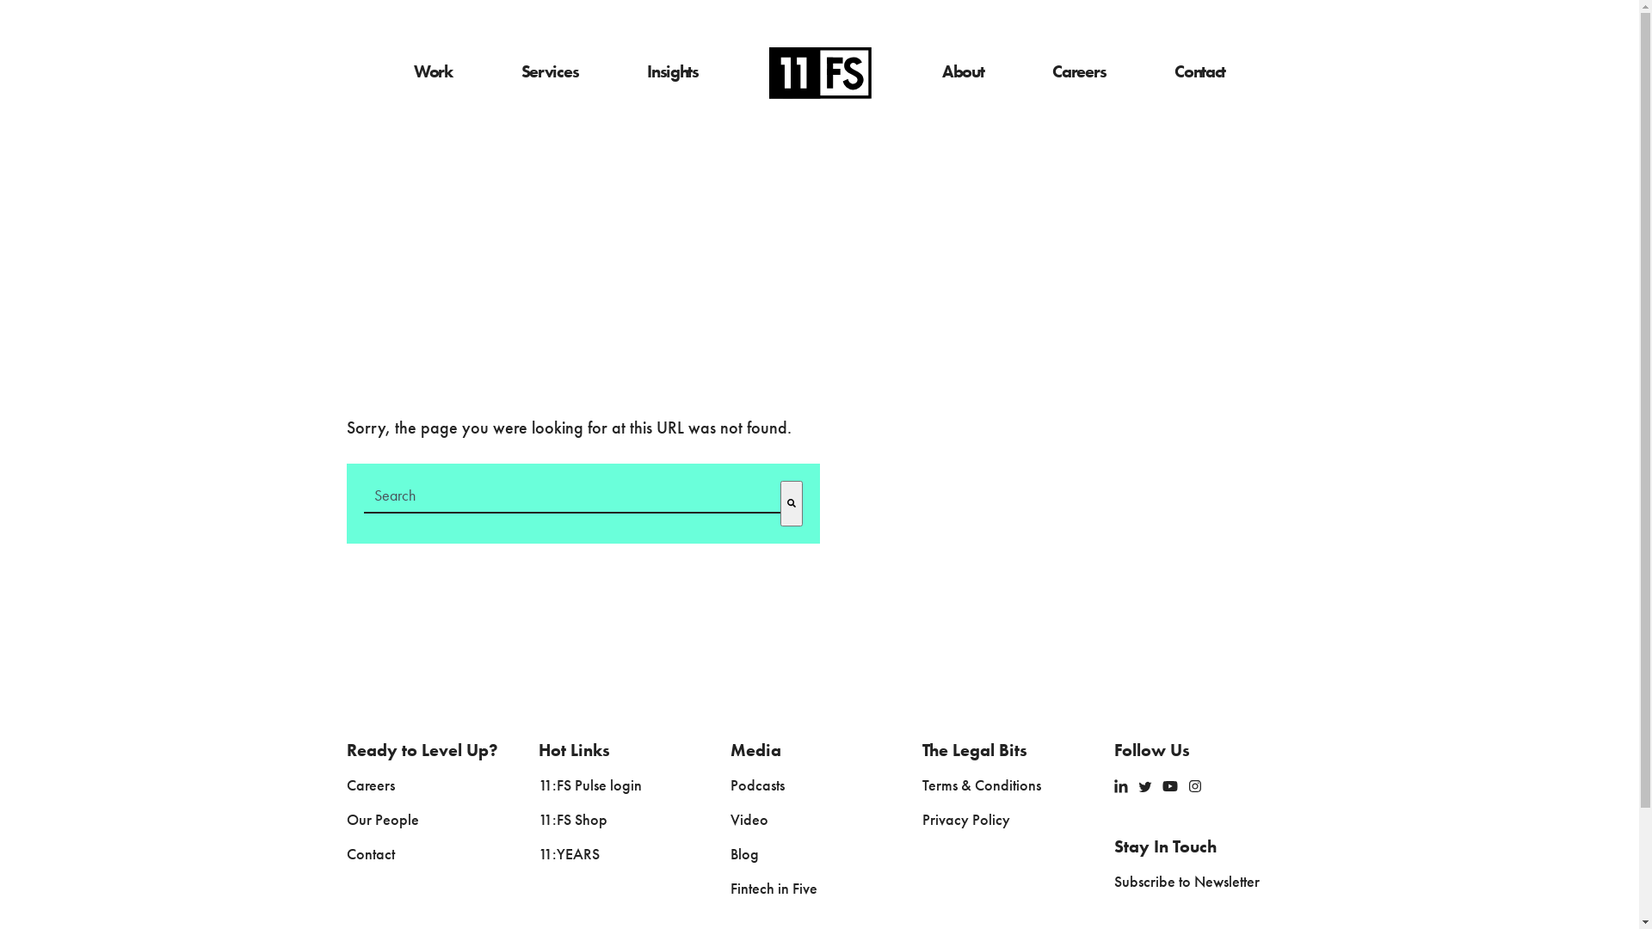  What do you see at coordinates (1193, 785) in the screenshot?
I see `'Instagram'` at bounding box center [1193, 785].